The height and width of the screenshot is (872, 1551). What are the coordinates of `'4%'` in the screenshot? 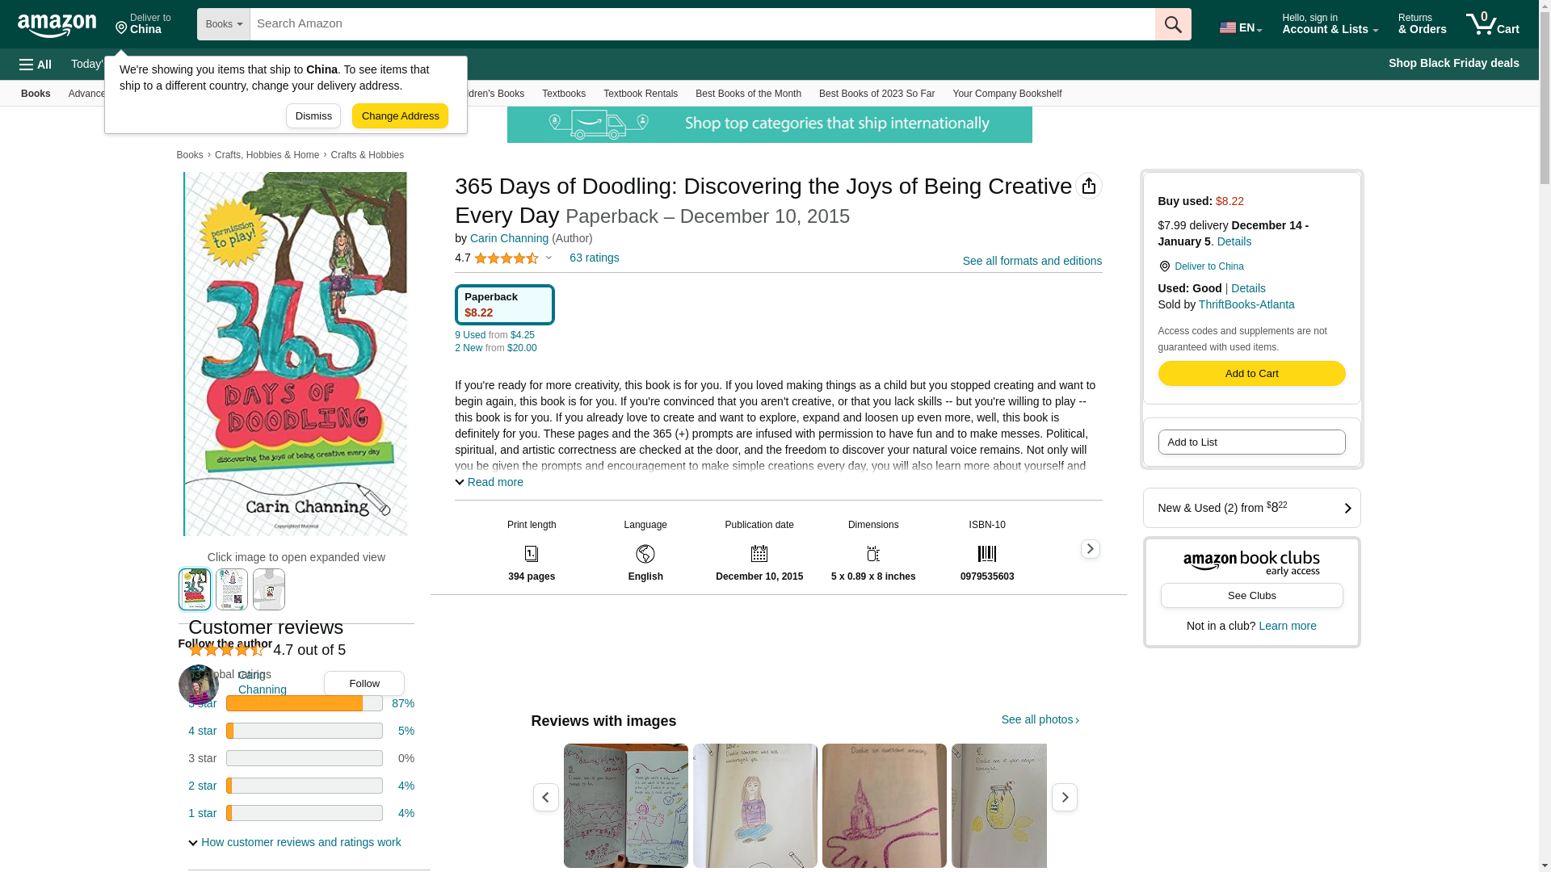 It's located at (406, 784).